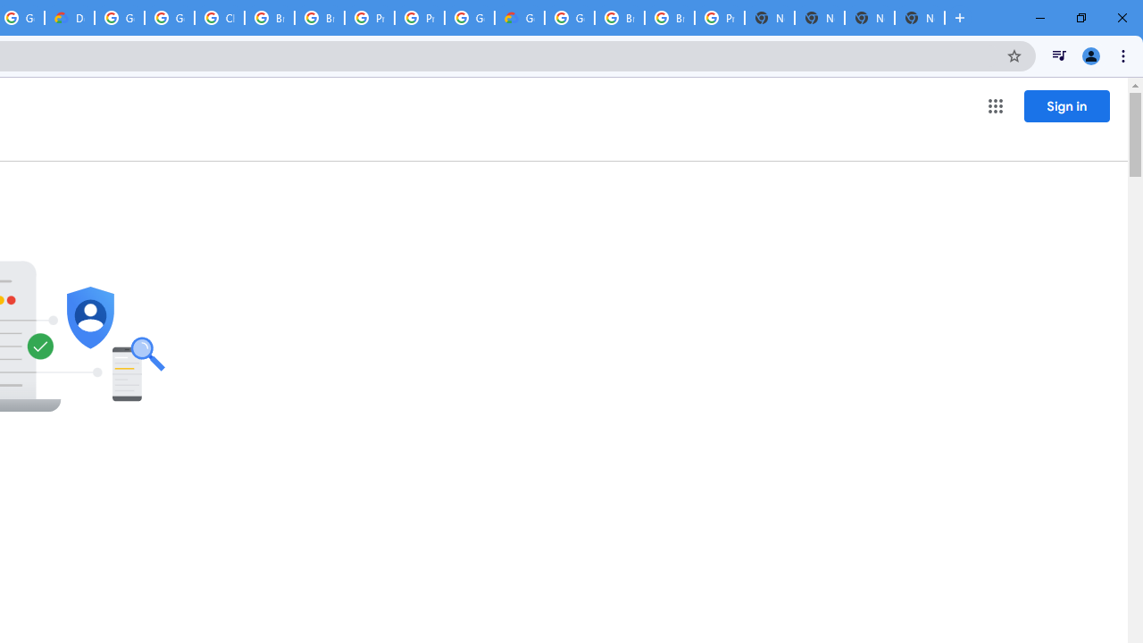 The image size is (1143, 643). What do you see at coordinates (870, 18) in the screenshot?
I see `'New Tab'` at bounding box center [870, 18].